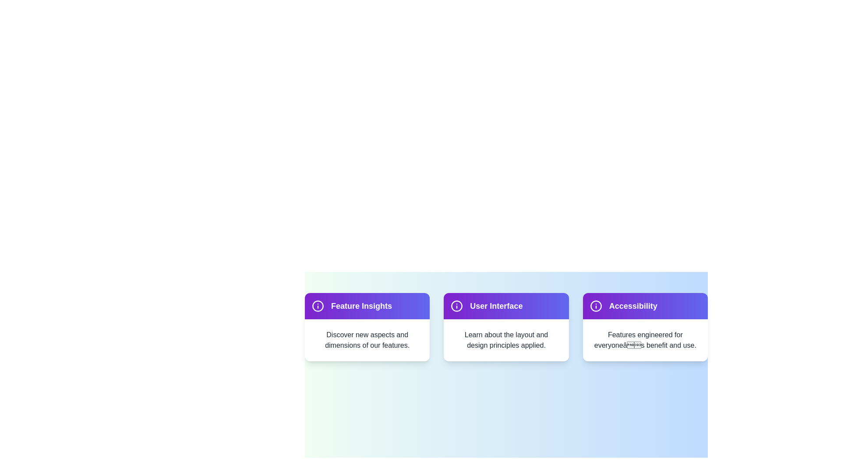  What do you see at coordinates (596, 305) in the screenshot?
I see `the central circle of the SVG icon component located in the top section labeled 'Accessibility' within the third card from the left` at bounding box center [596, 305].